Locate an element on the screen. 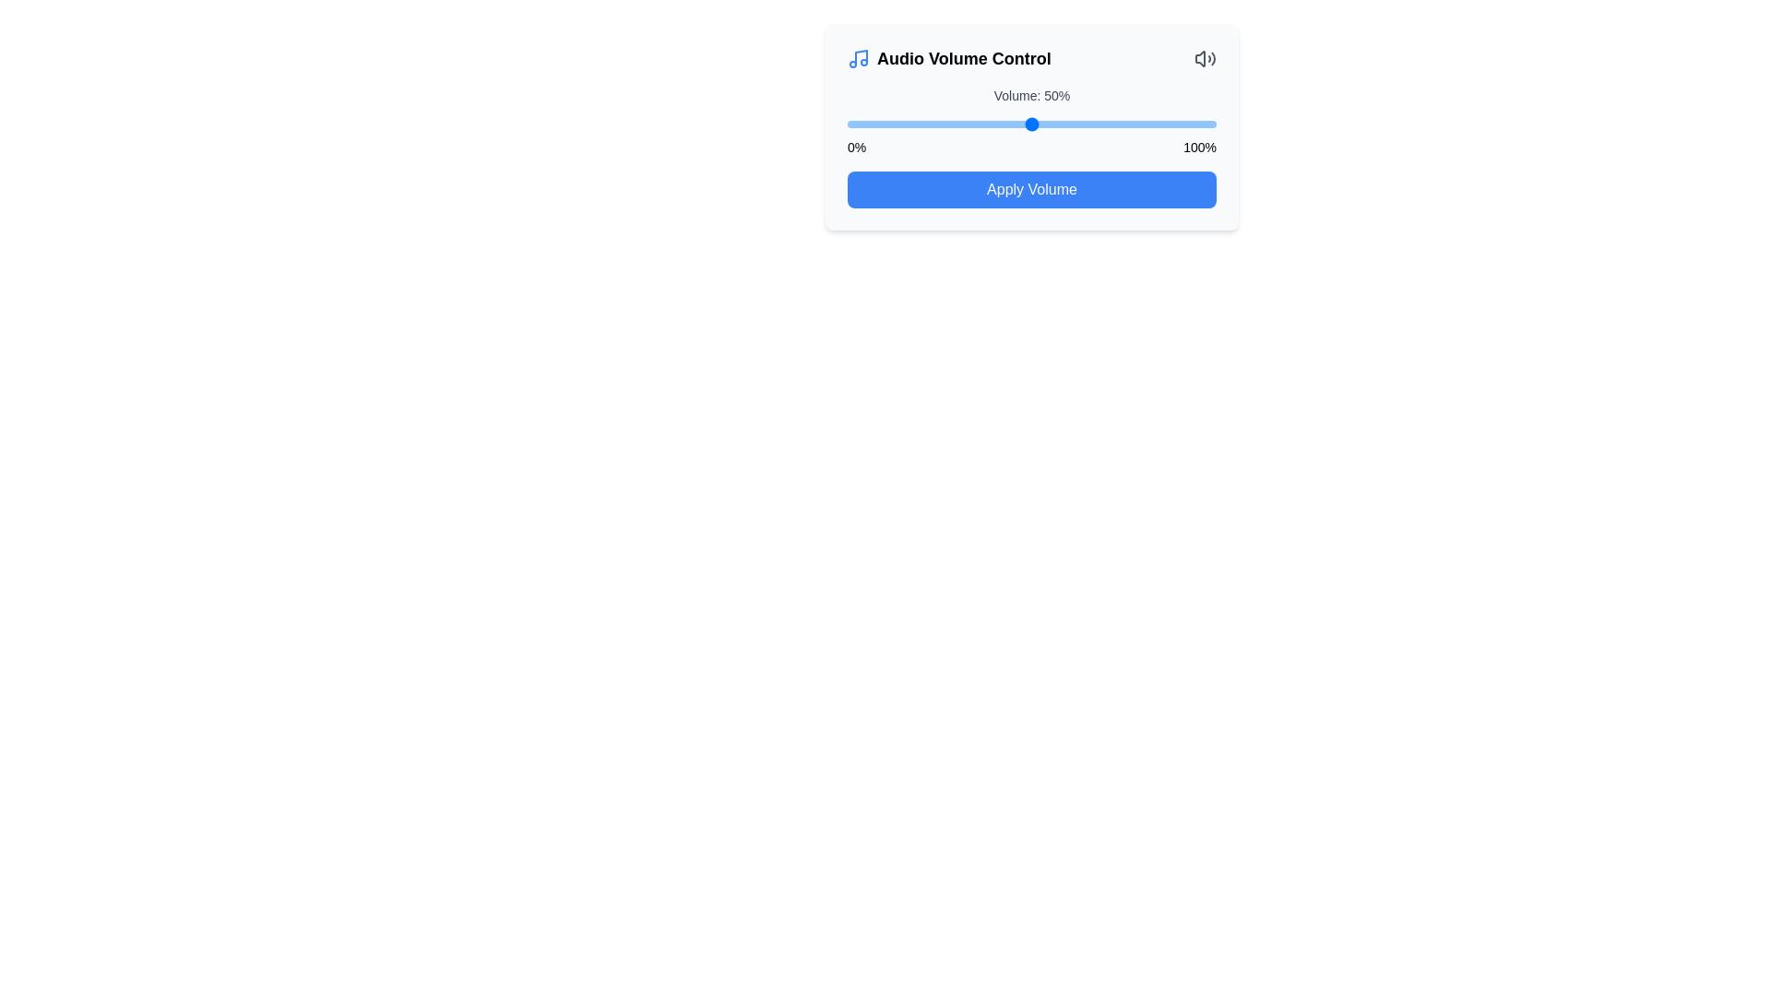  the volume is located at coordinates (1065, 125).